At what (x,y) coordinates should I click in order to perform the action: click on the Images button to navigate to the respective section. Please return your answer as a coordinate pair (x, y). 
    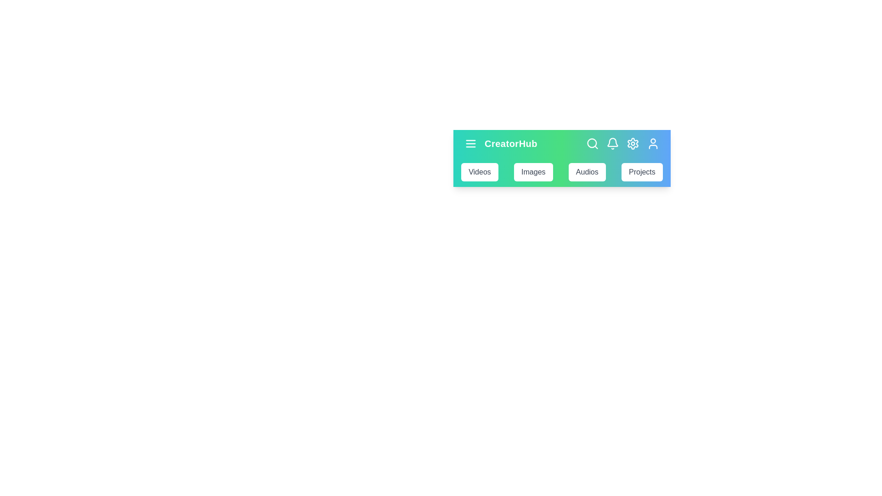
    Looking at the image, I should click on (533, 172).